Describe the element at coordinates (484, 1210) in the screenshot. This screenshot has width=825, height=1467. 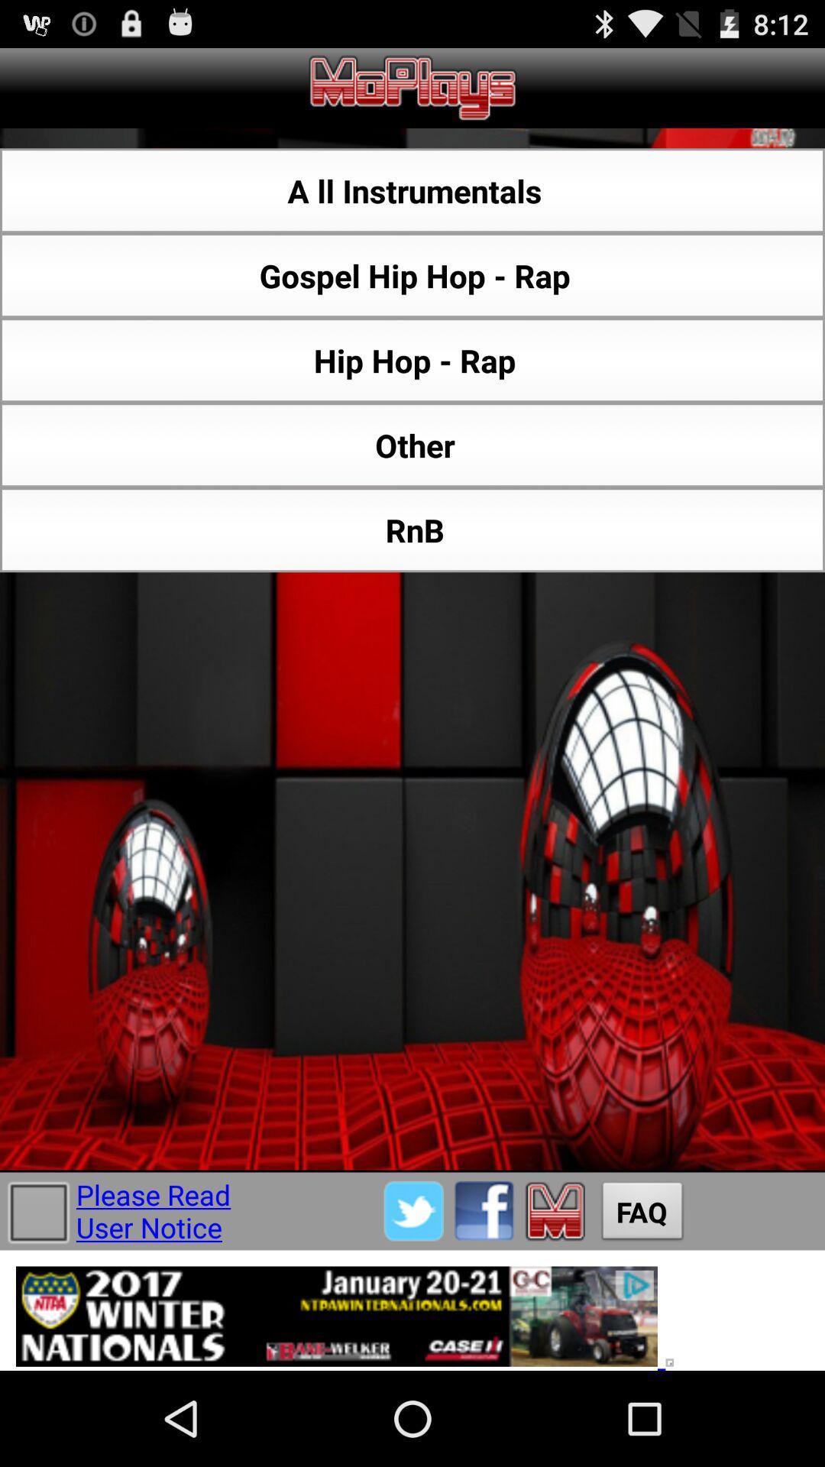
I see `share via facebook` at that location.